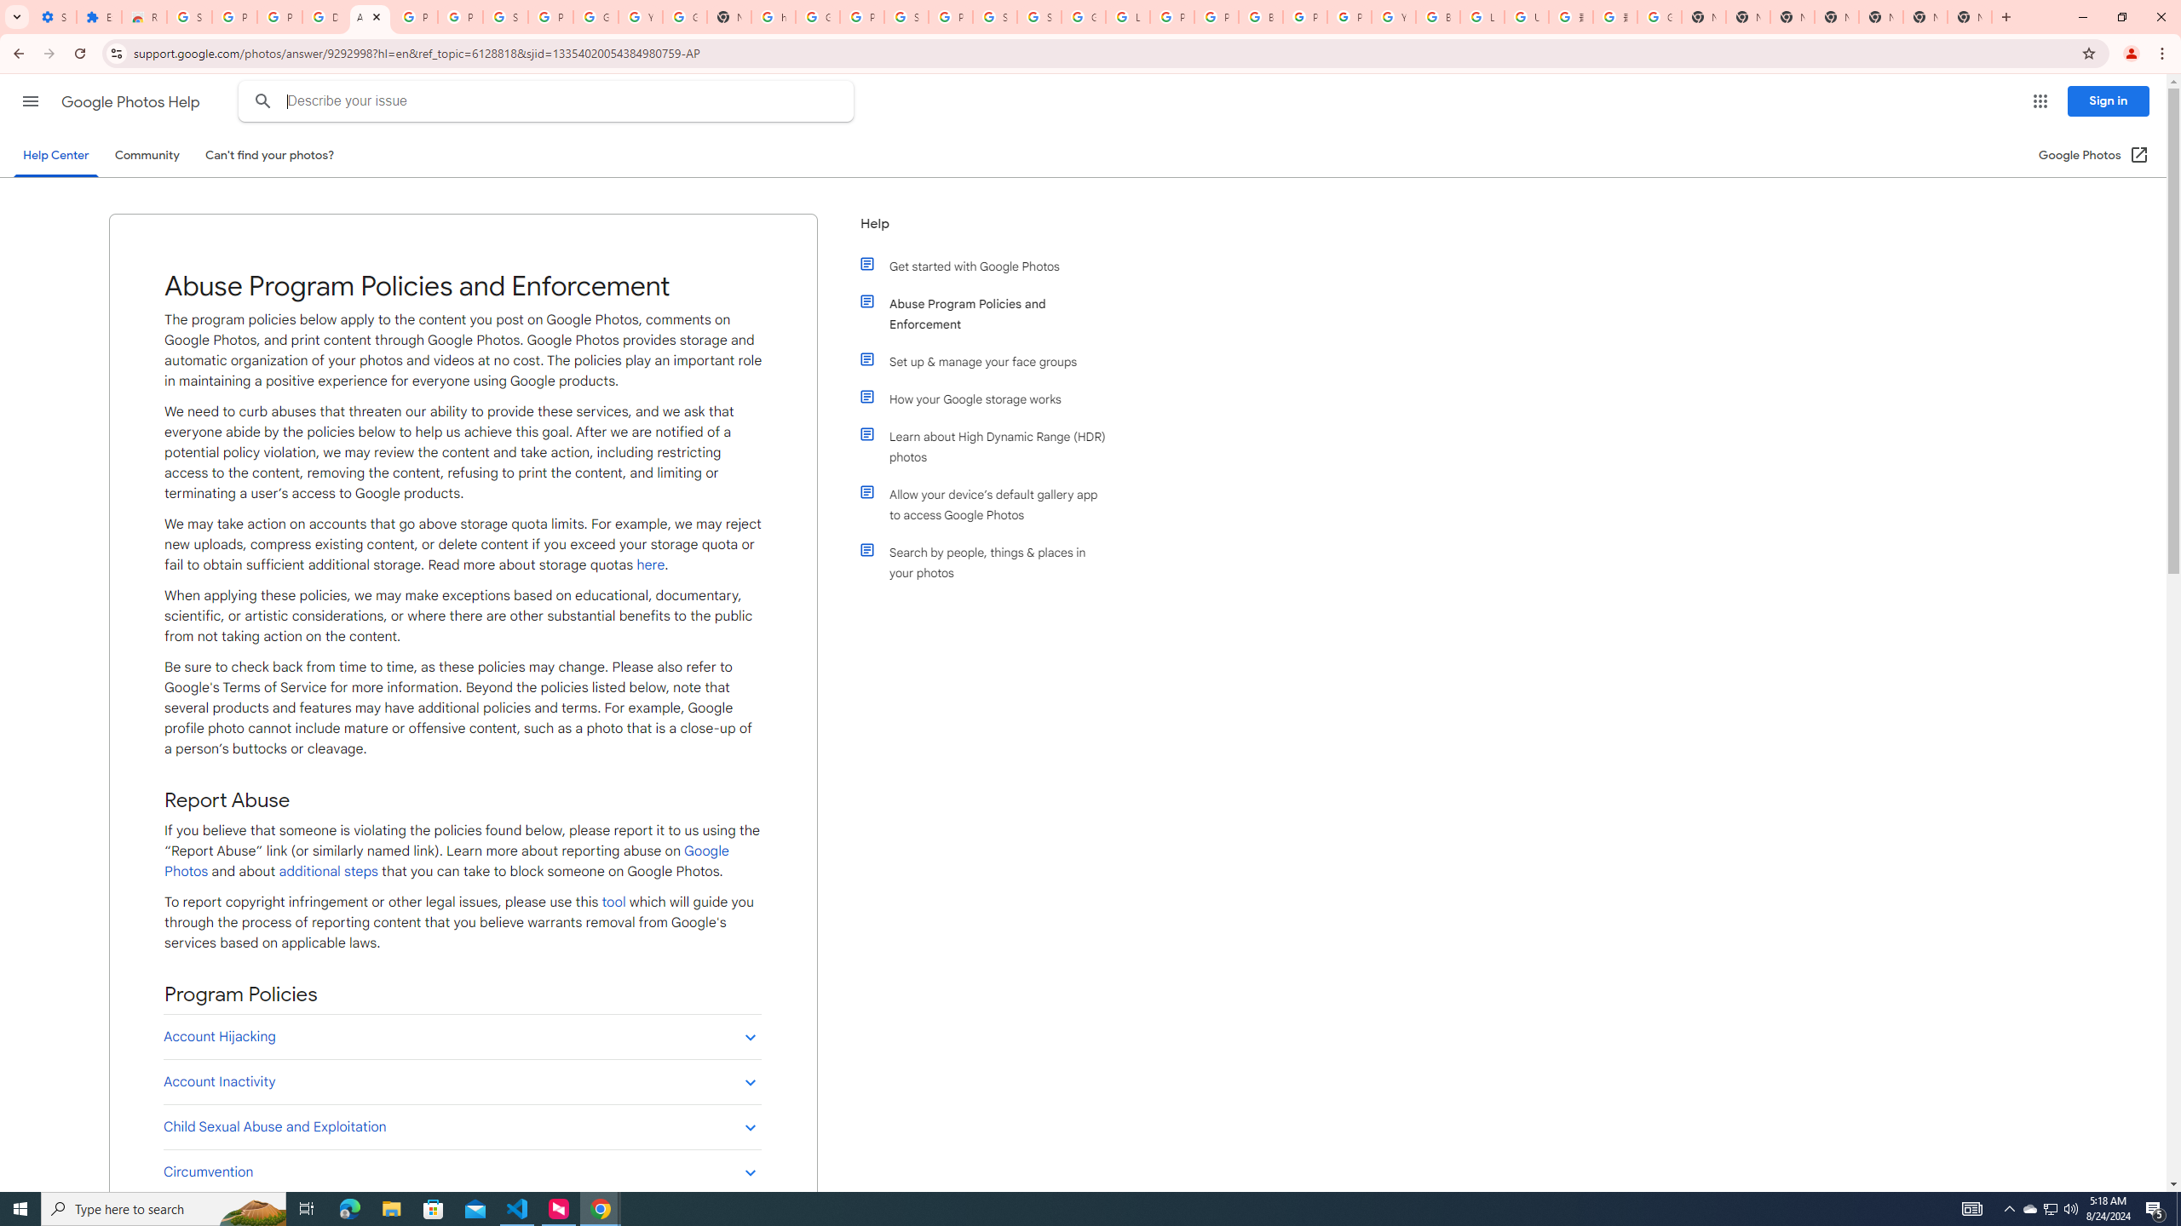 Image resolution: width=2181 pixels, height=1226 pixels. Describe the element at coordinates (270, 154) in the screenshot. I see `'Can'` at that location.